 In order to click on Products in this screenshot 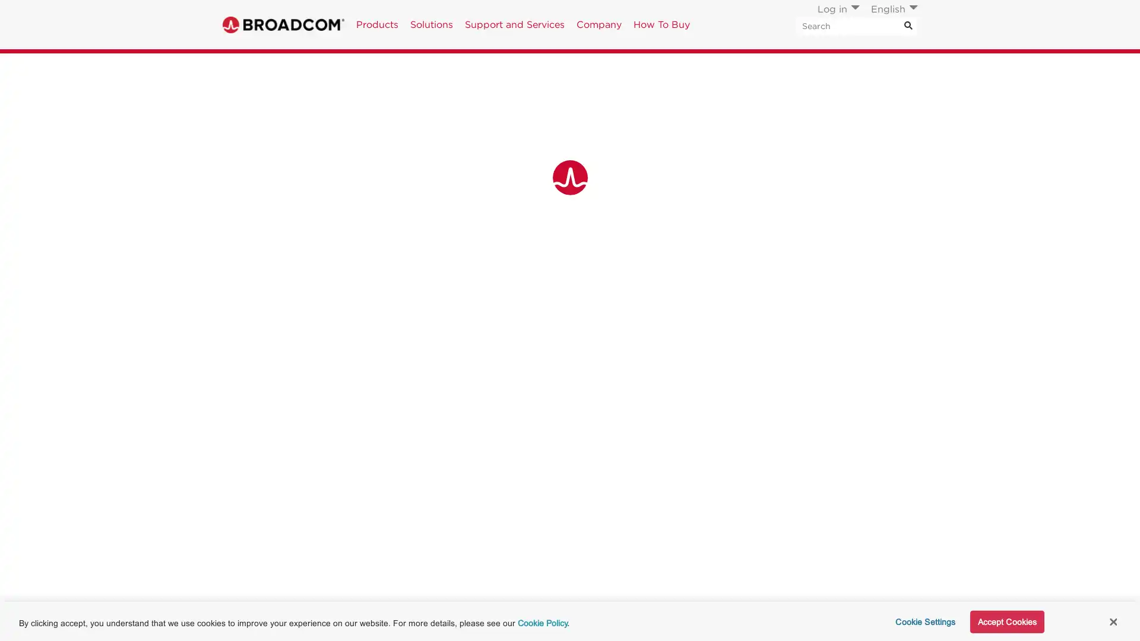, I will do `click(376, 24)`.